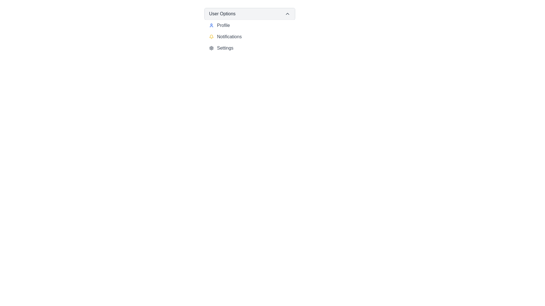 This screenshot has height=306, width=545. What do you see at coordinates (211, 36) in the screenshot?
I see `the bell icon in the upper-right part of the interface, which represents notifications or alerts` at bounding box center [211, 36].